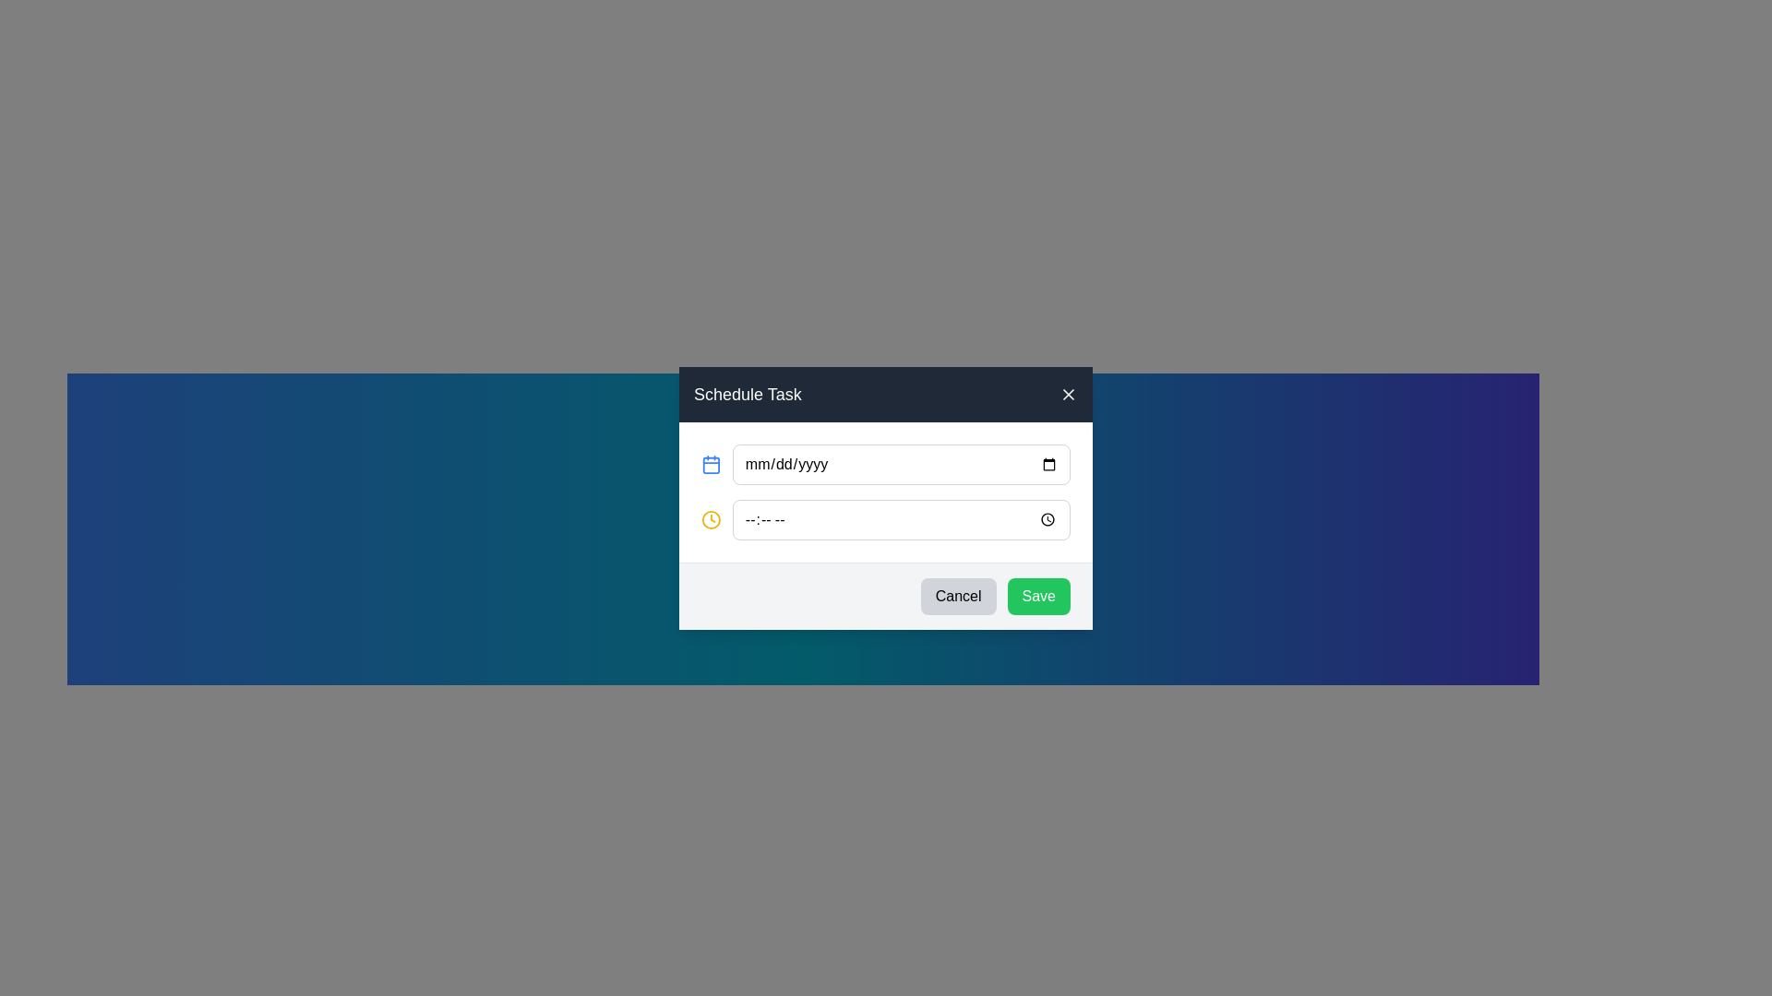 The width and height of the screenshot is (1772, 996). I want to click on the clock icon with a thin circular outline to focus the associated time input field in the 'Schedule Task' modal dialog, so click(710, 519).